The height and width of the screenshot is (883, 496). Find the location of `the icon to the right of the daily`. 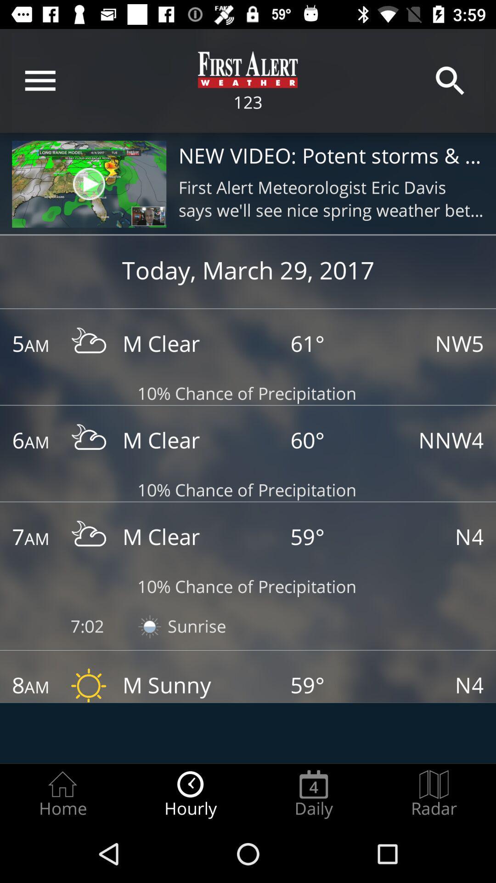

the icon to the right of the daily is located at coordinates (434, 794).